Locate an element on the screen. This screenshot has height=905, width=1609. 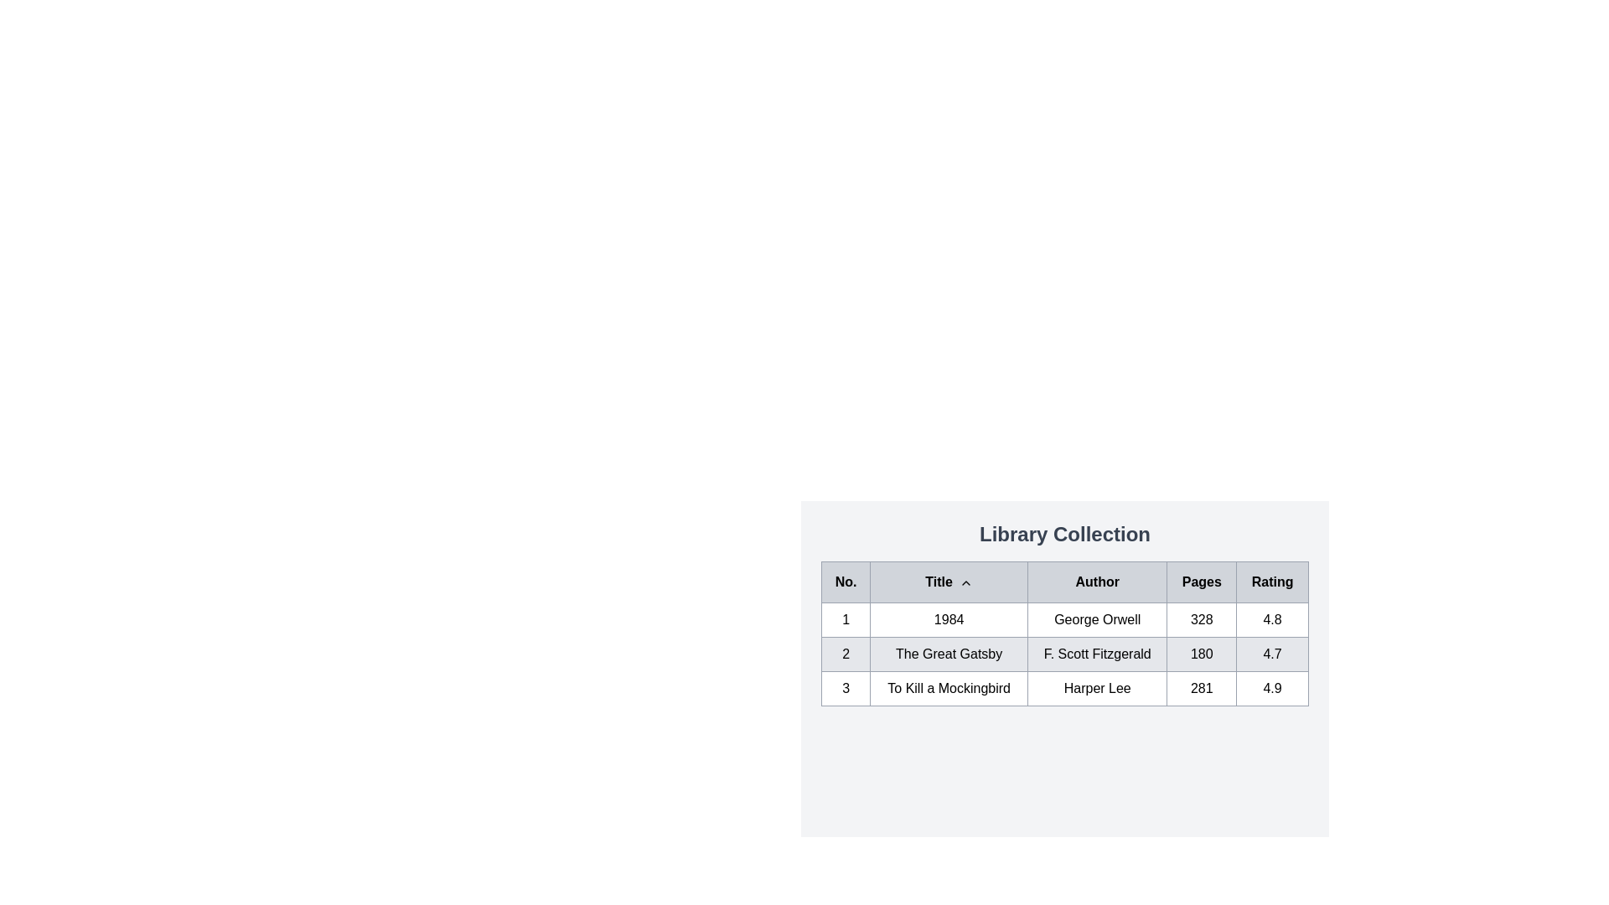
the numeric value '4.7' displayed in bold within a light gray rectangular area in the fifth column of the second row of the table is located at coordinates (1272, 653).